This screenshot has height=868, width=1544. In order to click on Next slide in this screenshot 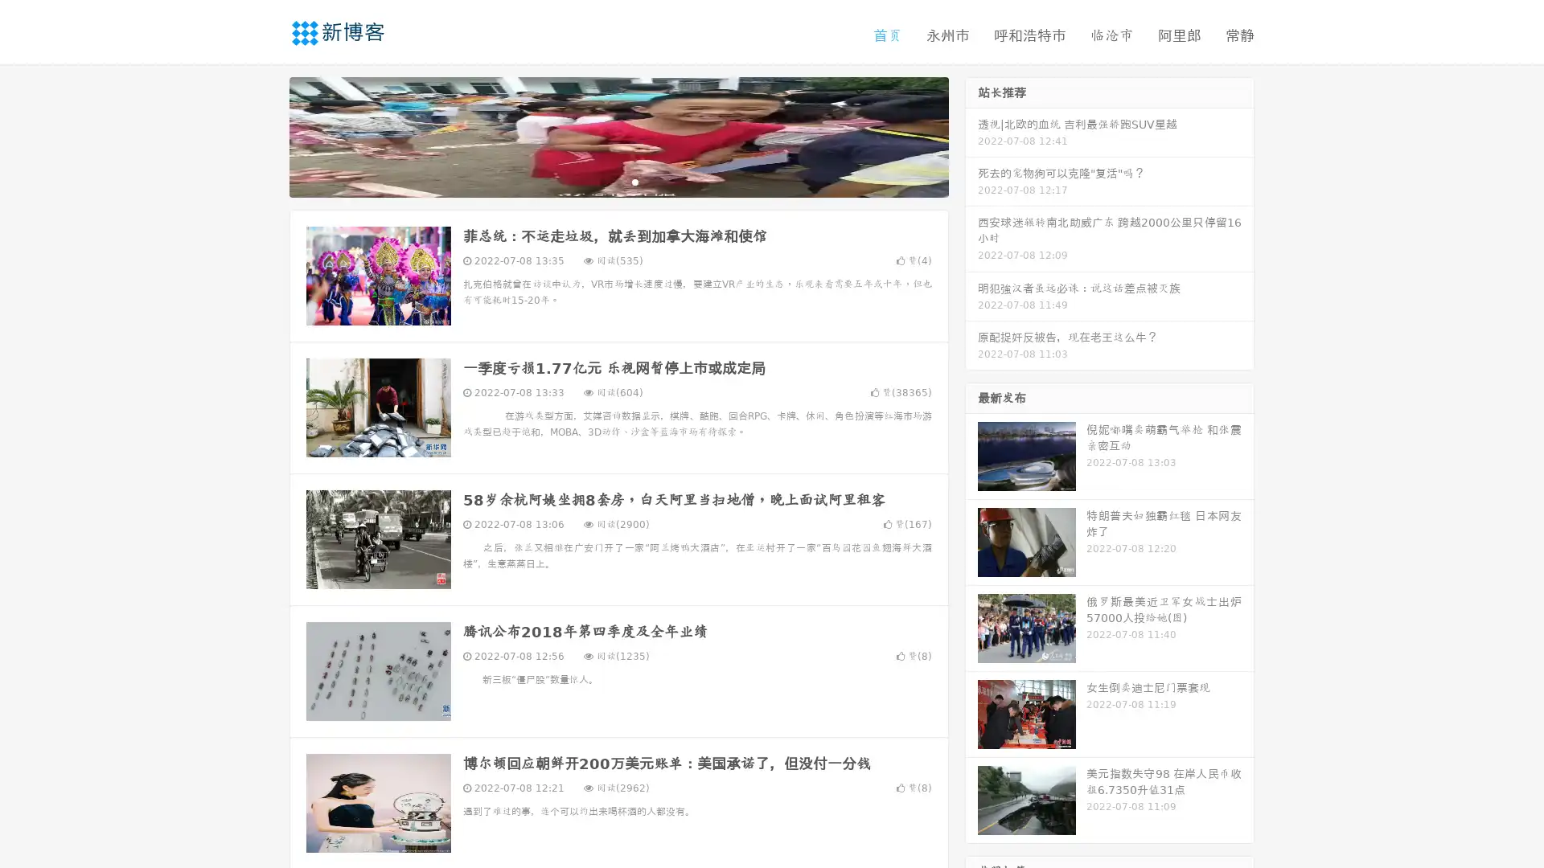, I will do `click(971, 135)`.